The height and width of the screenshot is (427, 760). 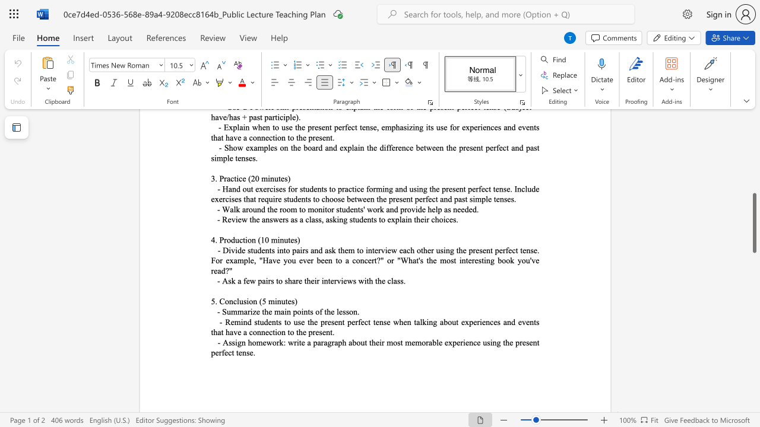 What do you see at coordinates (499, 250) in the screenshot?
I see `the space between the continuous character "p" and "e" in the text` at bounding box center [499, 250].